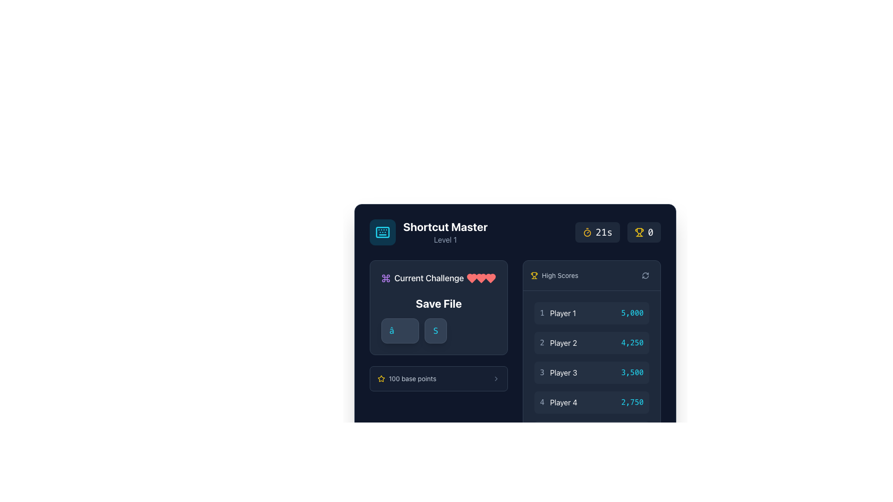 The width and height of the screenshot is (893, 502). Describe the element at coordinates (618, 232) in the screenshot. I see `the Compound information display element showing timer and count values` at that location.